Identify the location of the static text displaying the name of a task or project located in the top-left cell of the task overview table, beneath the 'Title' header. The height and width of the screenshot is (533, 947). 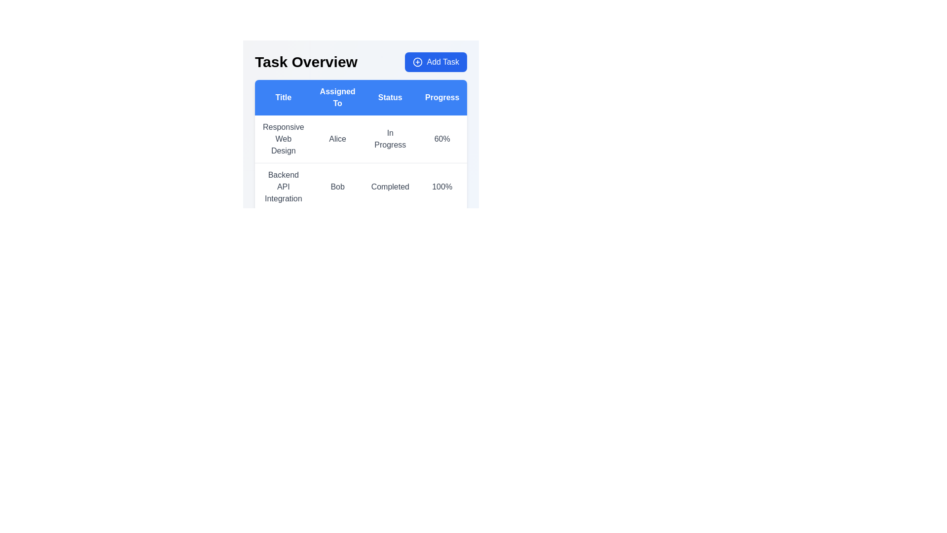
(283, 139).